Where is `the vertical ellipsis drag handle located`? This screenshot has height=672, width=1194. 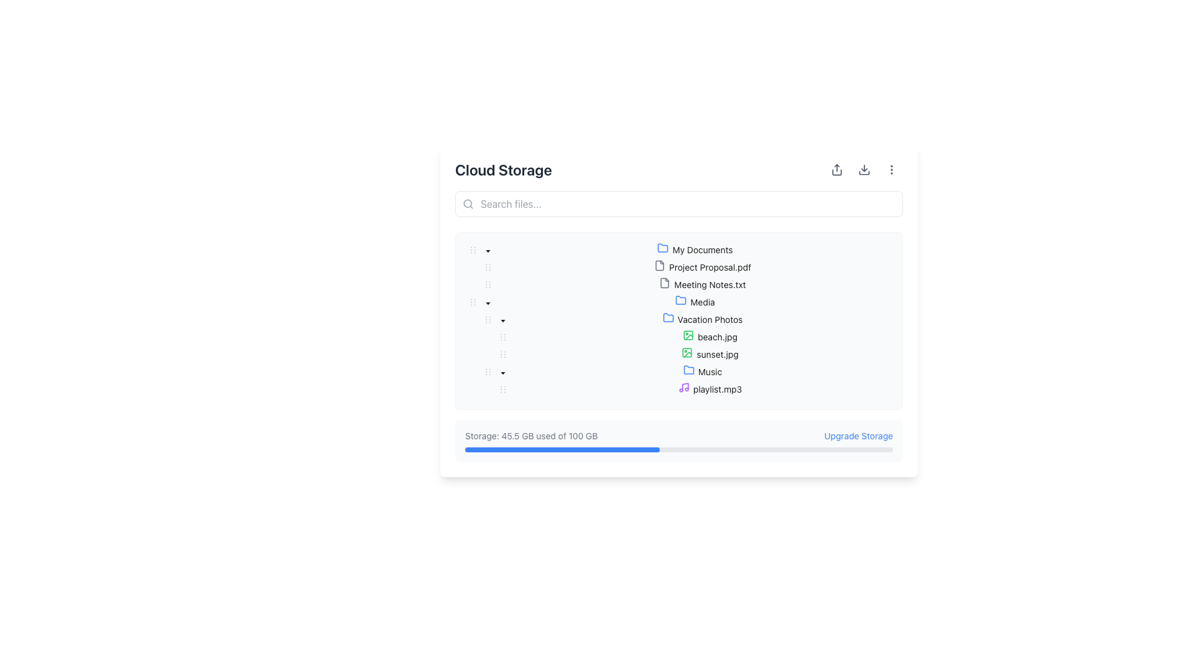 the vertical ellipsis drag handle located is located at coordinates (503, 355).